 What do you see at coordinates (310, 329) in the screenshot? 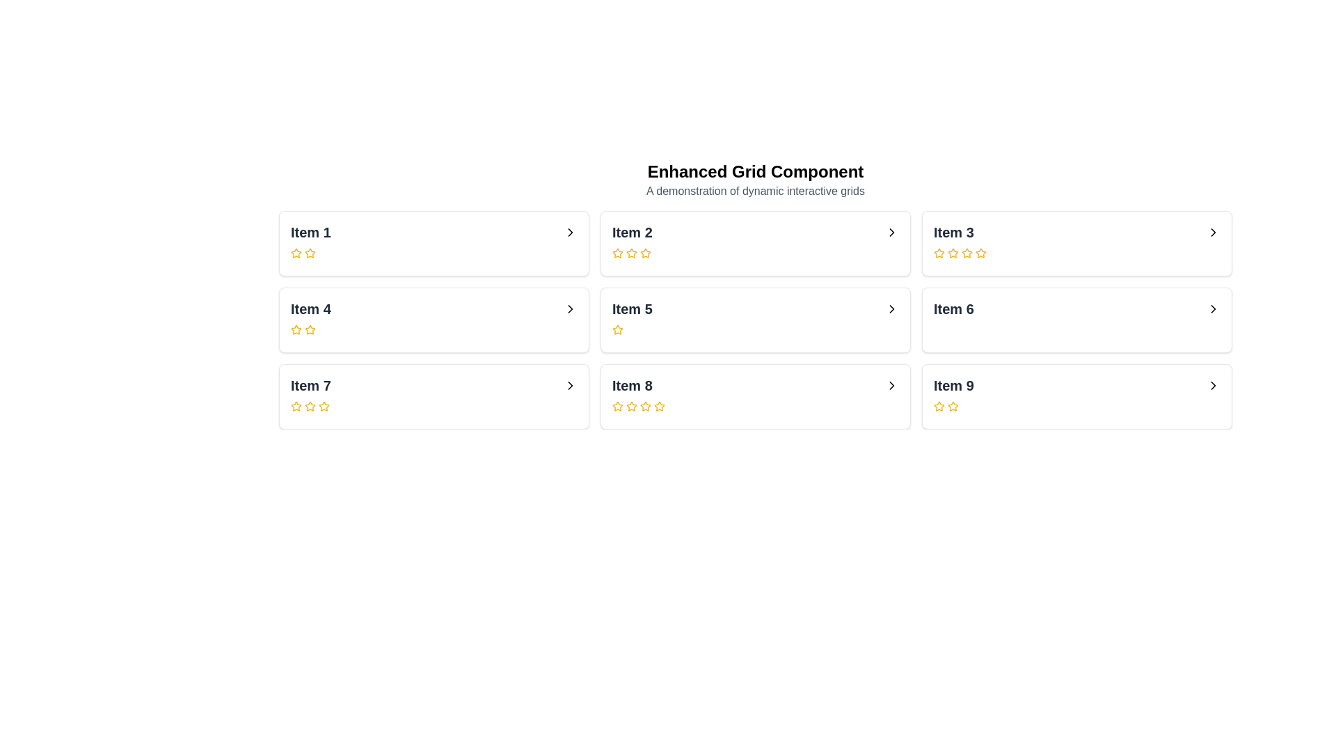
I see `the third star icon in the rating row for 'Item 4'` at bounding box center [310, 329].